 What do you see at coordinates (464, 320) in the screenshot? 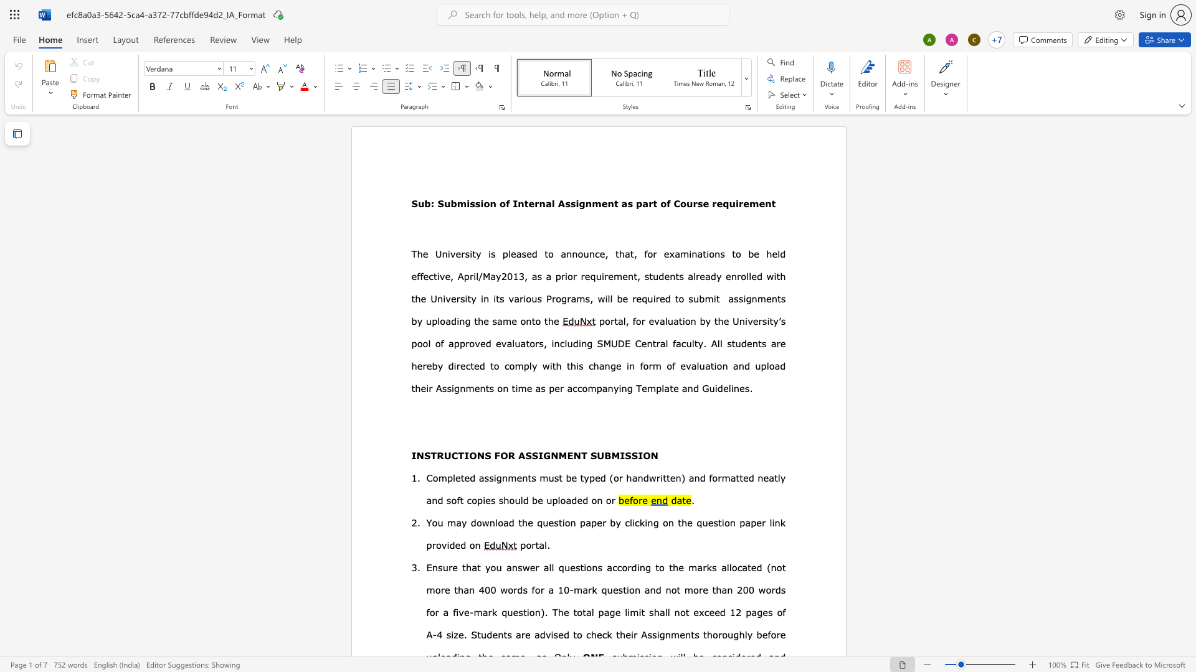
I see `the space between the continuous character "n" and "g" in the text` at bounding box center [464, 320].